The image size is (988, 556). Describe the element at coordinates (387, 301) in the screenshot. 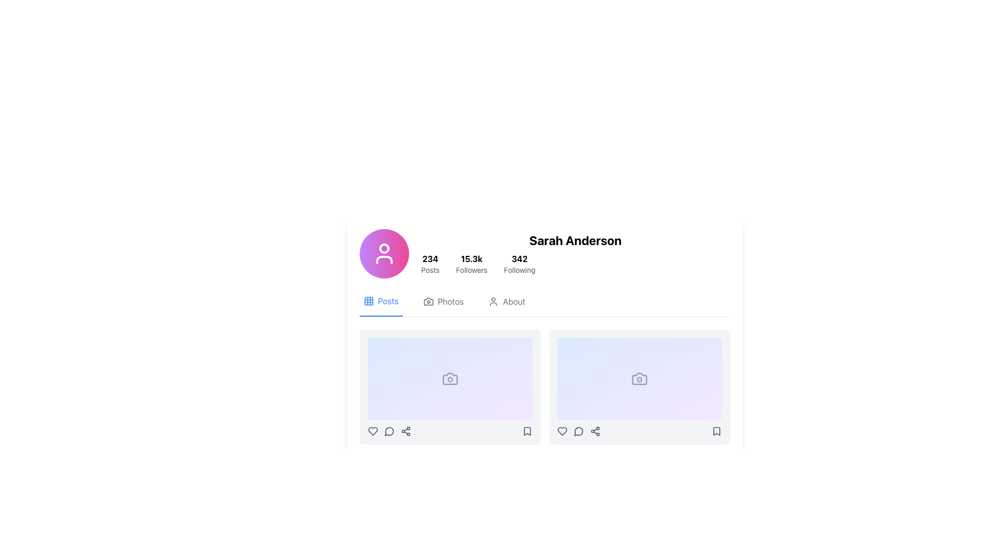

I see `the 'Posts' text label, styled as a clickable tab, located in the navigation tab bar below the user profile information section` at that location.